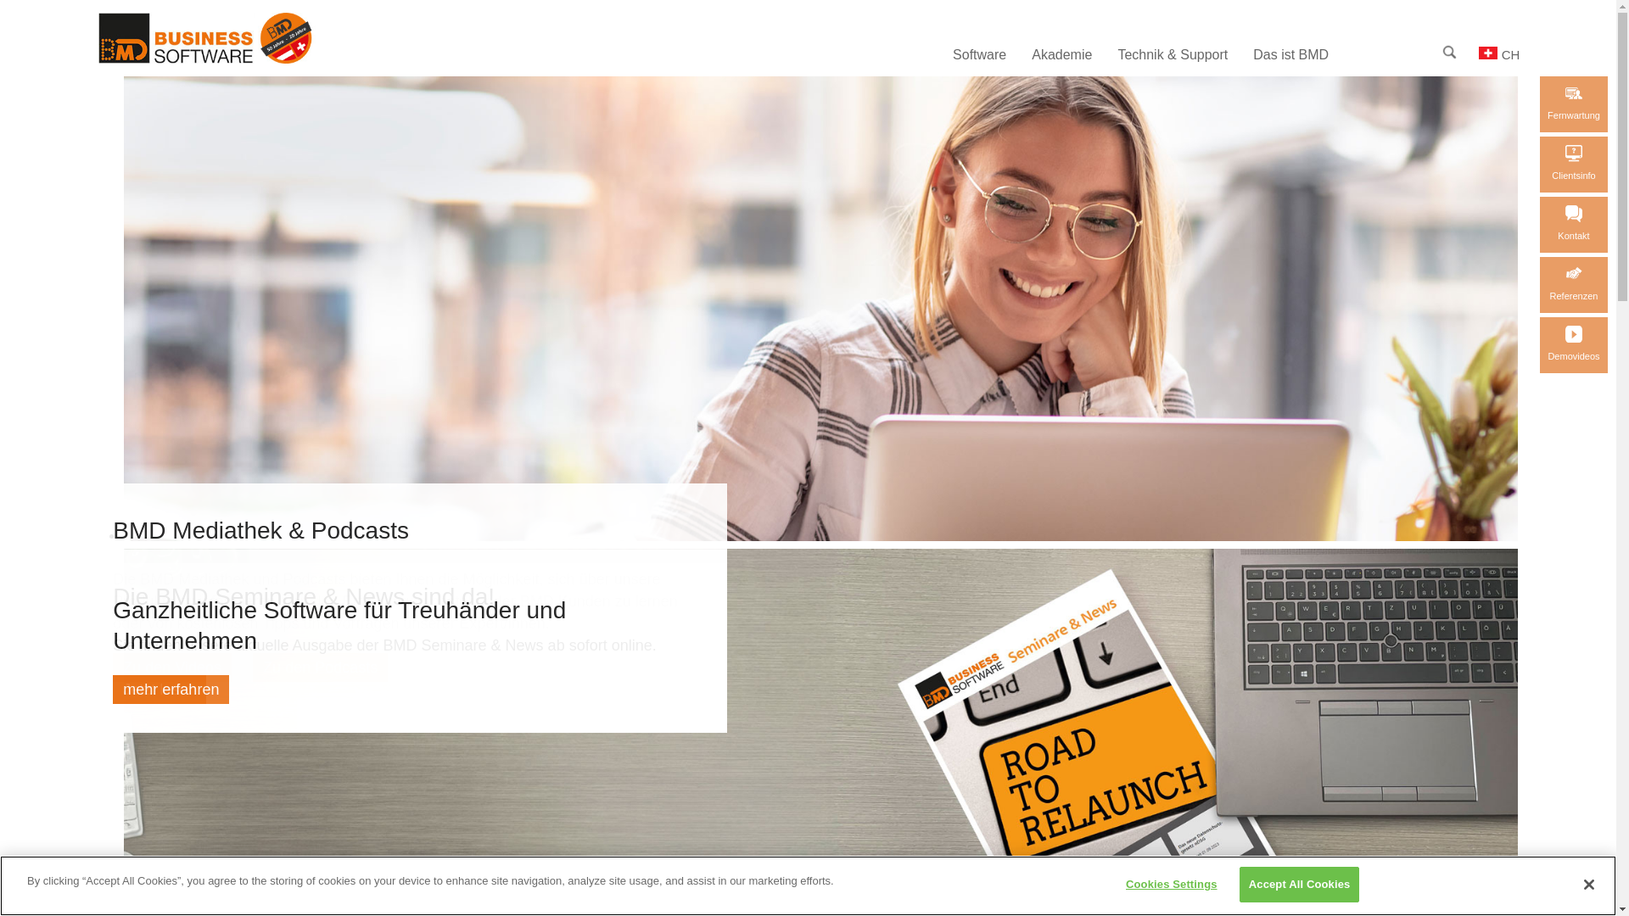 The width and height of the screenshot is (1629, 916). What do you see at coordinates (1441, 51) in the screenshot?
I see `'Suche'` at bounding box center [1441, 51].